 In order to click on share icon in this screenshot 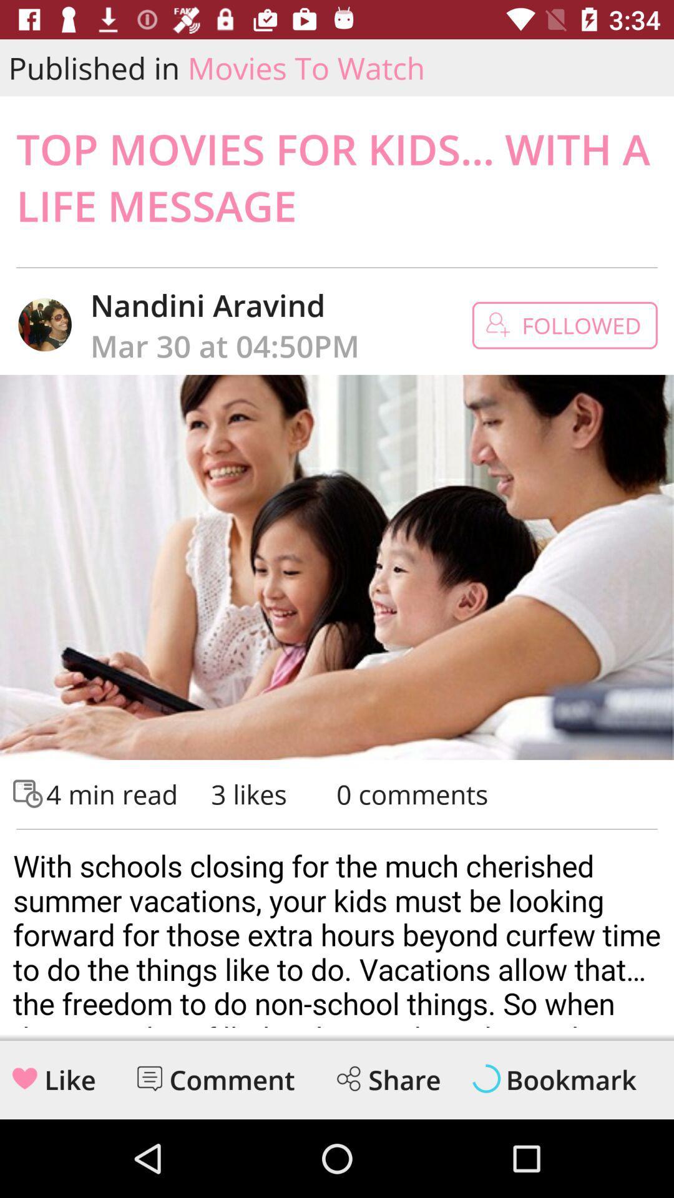, I will do `click(348, 1078)`.